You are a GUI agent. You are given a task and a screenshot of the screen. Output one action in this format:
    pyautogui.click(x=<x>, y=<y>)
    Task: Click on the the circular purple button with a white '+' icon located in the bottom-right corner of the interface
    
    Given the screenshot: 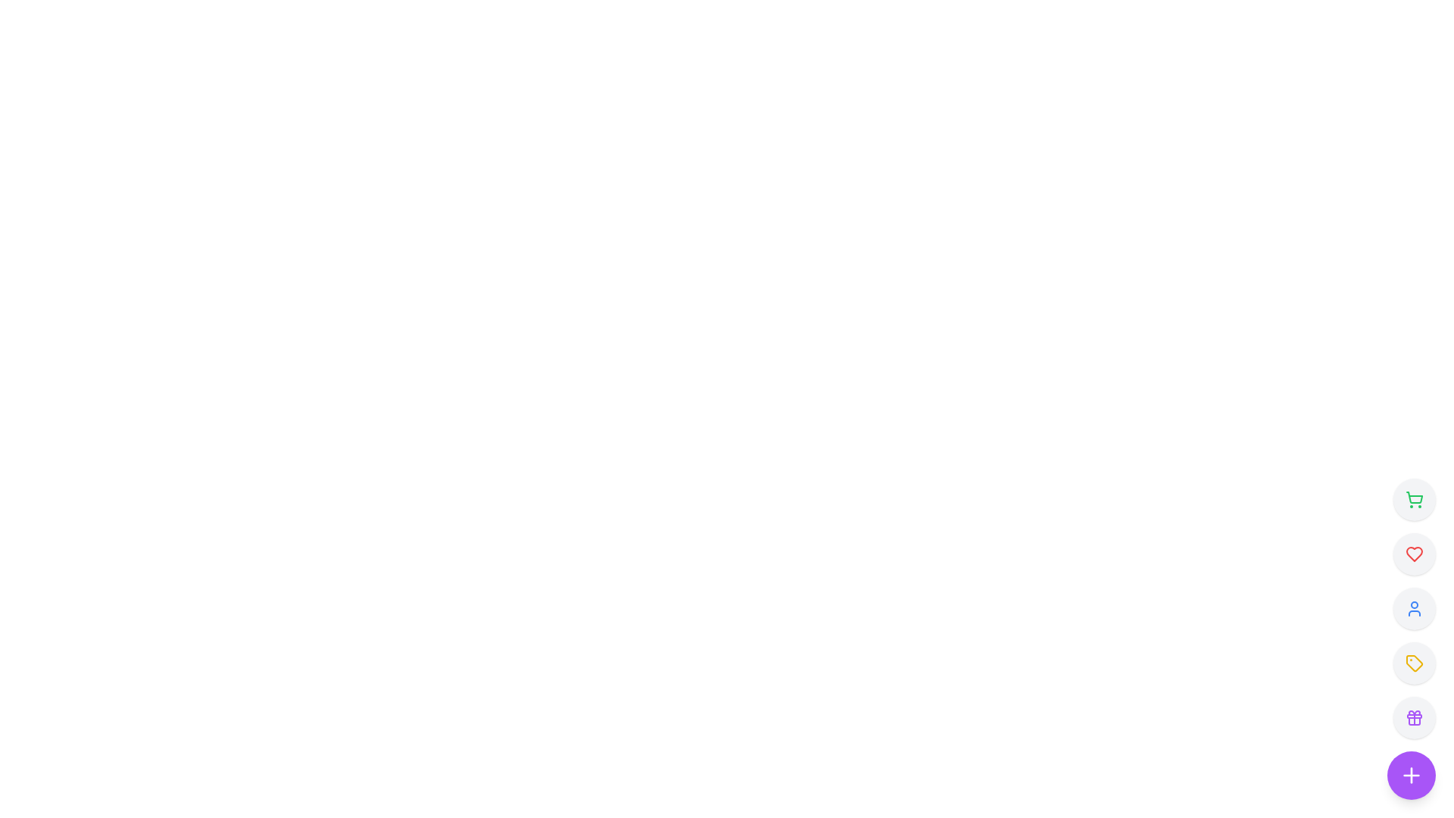 What is the action you would take?
    pyautogui.click(x=1410, y=775)
    